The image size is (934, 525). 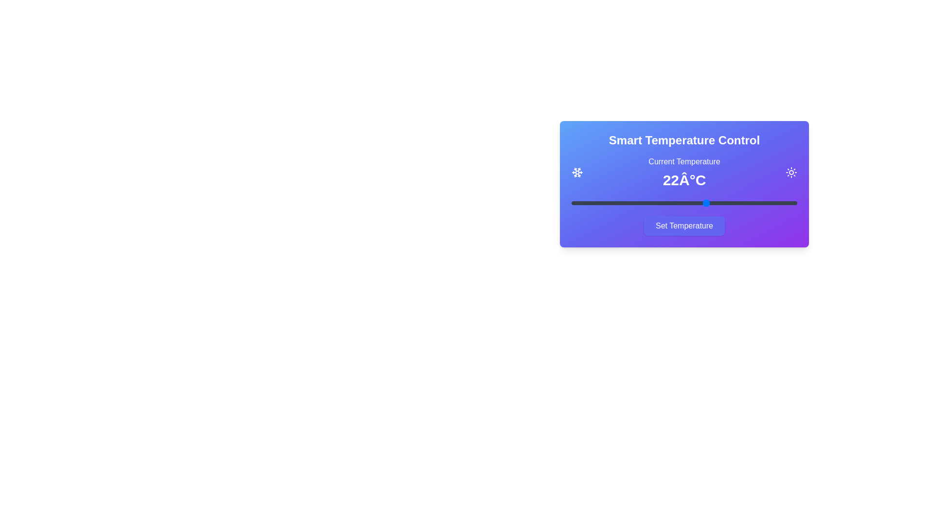 I want to click on the temperature slider, so click(x=695, y=202).